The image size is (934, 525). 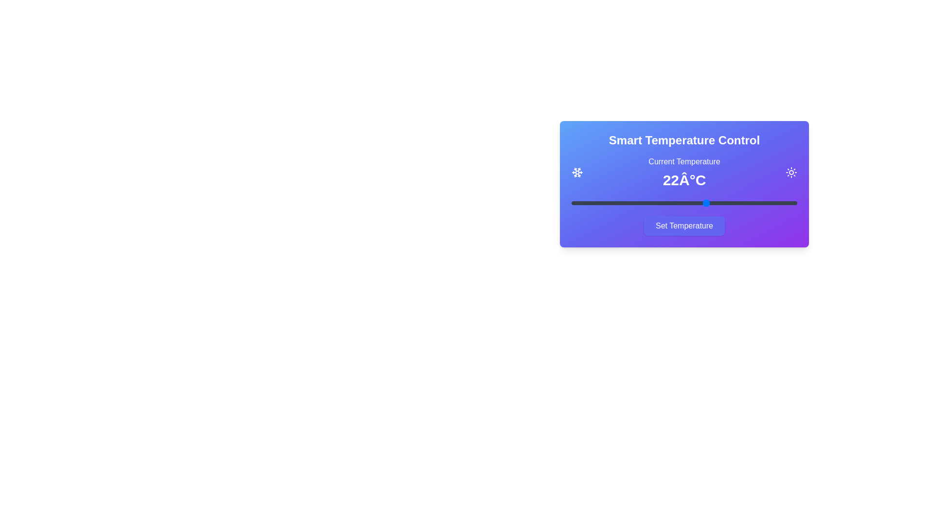 I want to click on the temperature slider, so click(x=695, y=202).